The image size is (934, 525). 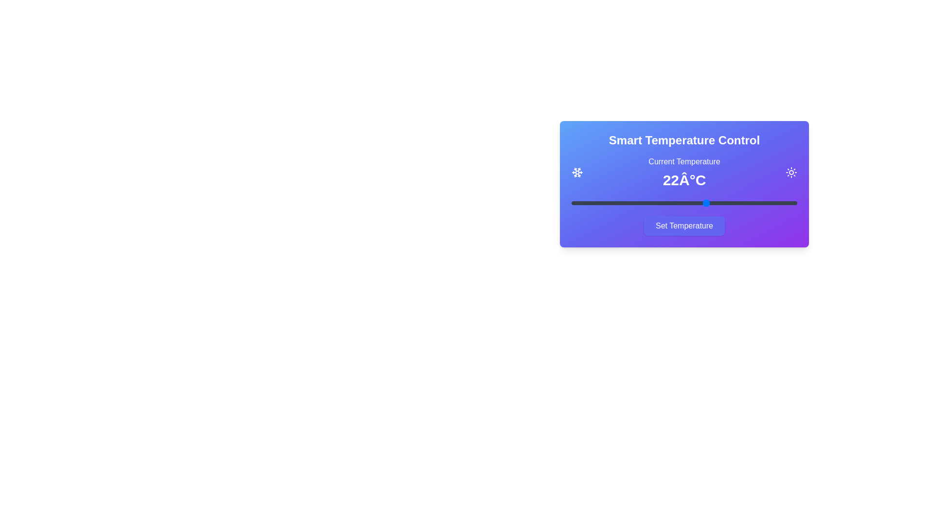 I want to click on the temperature slider, so click(x=695, y=202).